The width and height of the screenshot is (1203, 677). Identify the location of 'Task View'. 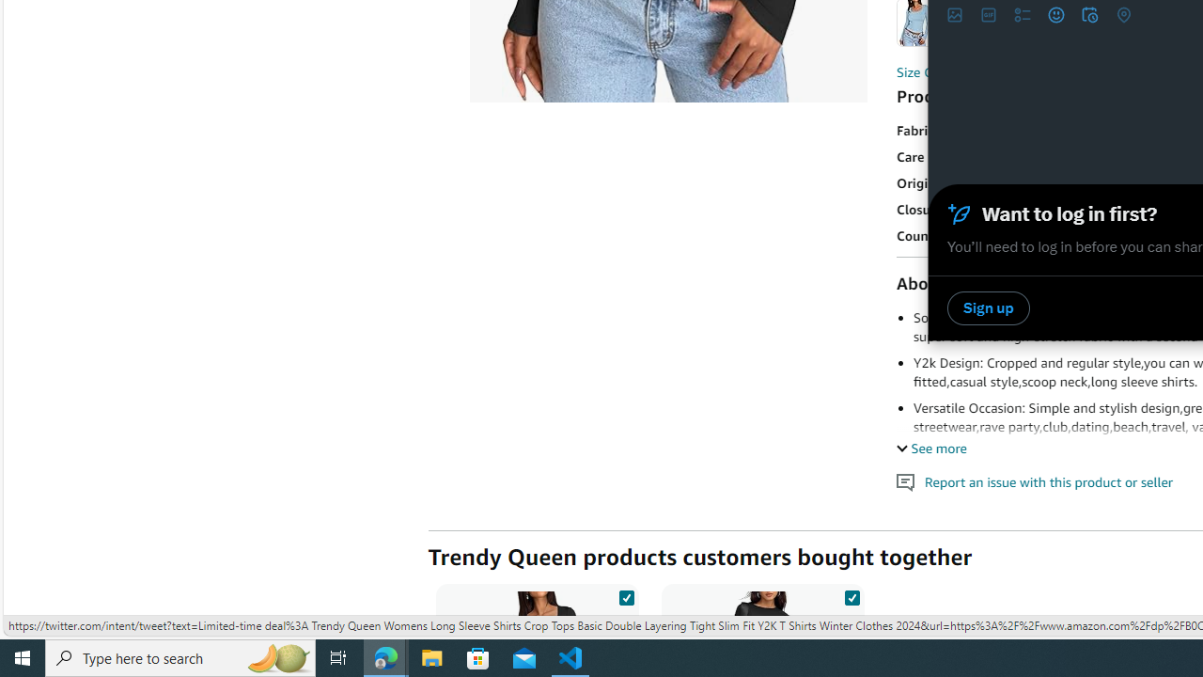
(337, 656).